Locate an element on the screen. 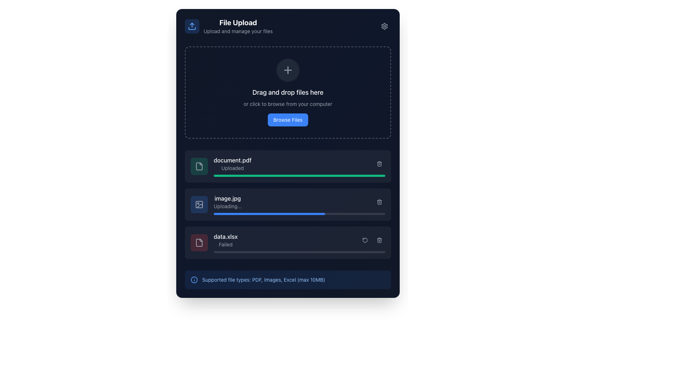 This screenshot has width=692, height=389. the settings icon located in the top-right corner of the interface is located at coordinates (384, 26).